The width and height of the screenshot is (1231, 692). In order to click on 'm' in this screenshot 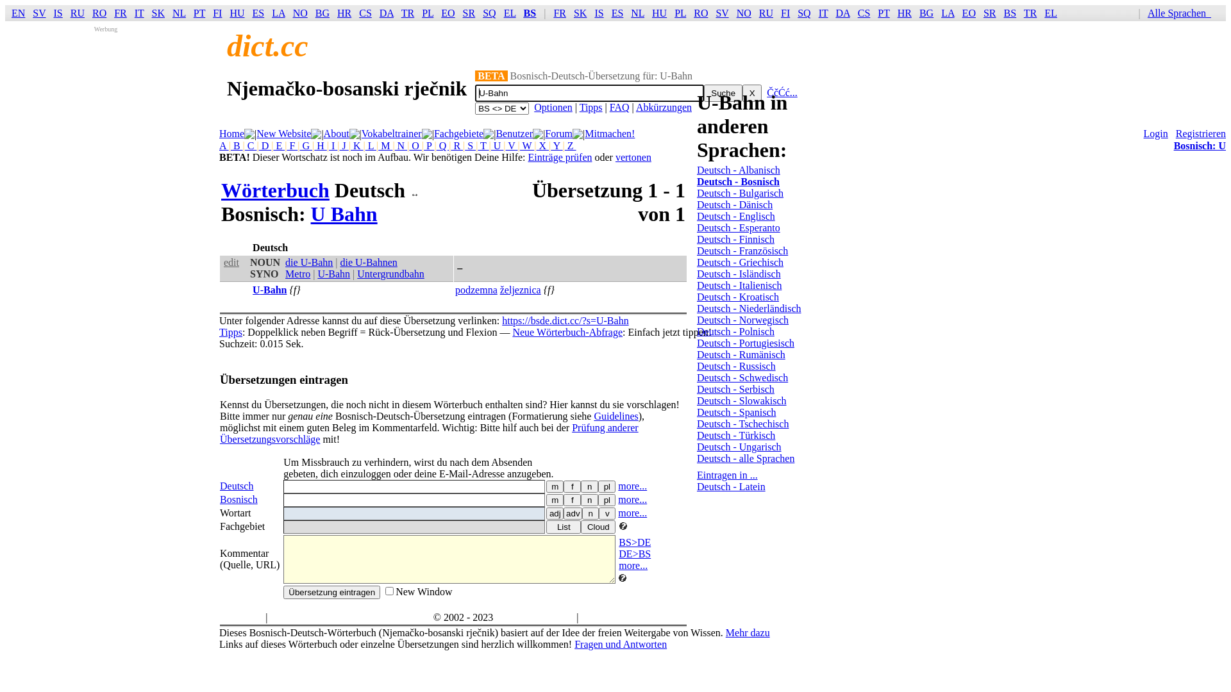, I will do `click(555, 499)`.